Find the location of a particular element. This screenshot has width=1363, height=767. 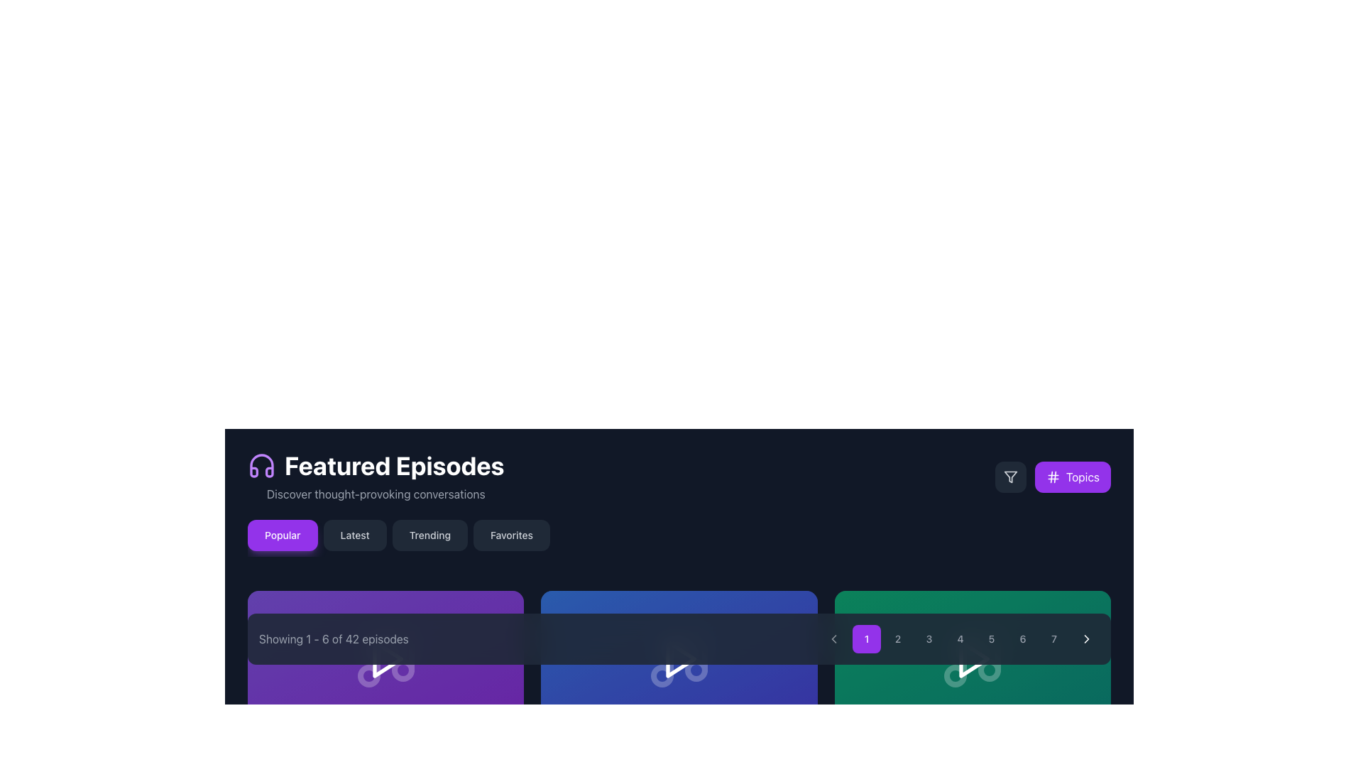

the left arrow button styled with a dark background and white chevron, positioned at the far left of the pagination controls is located at coordinates (834, 638).